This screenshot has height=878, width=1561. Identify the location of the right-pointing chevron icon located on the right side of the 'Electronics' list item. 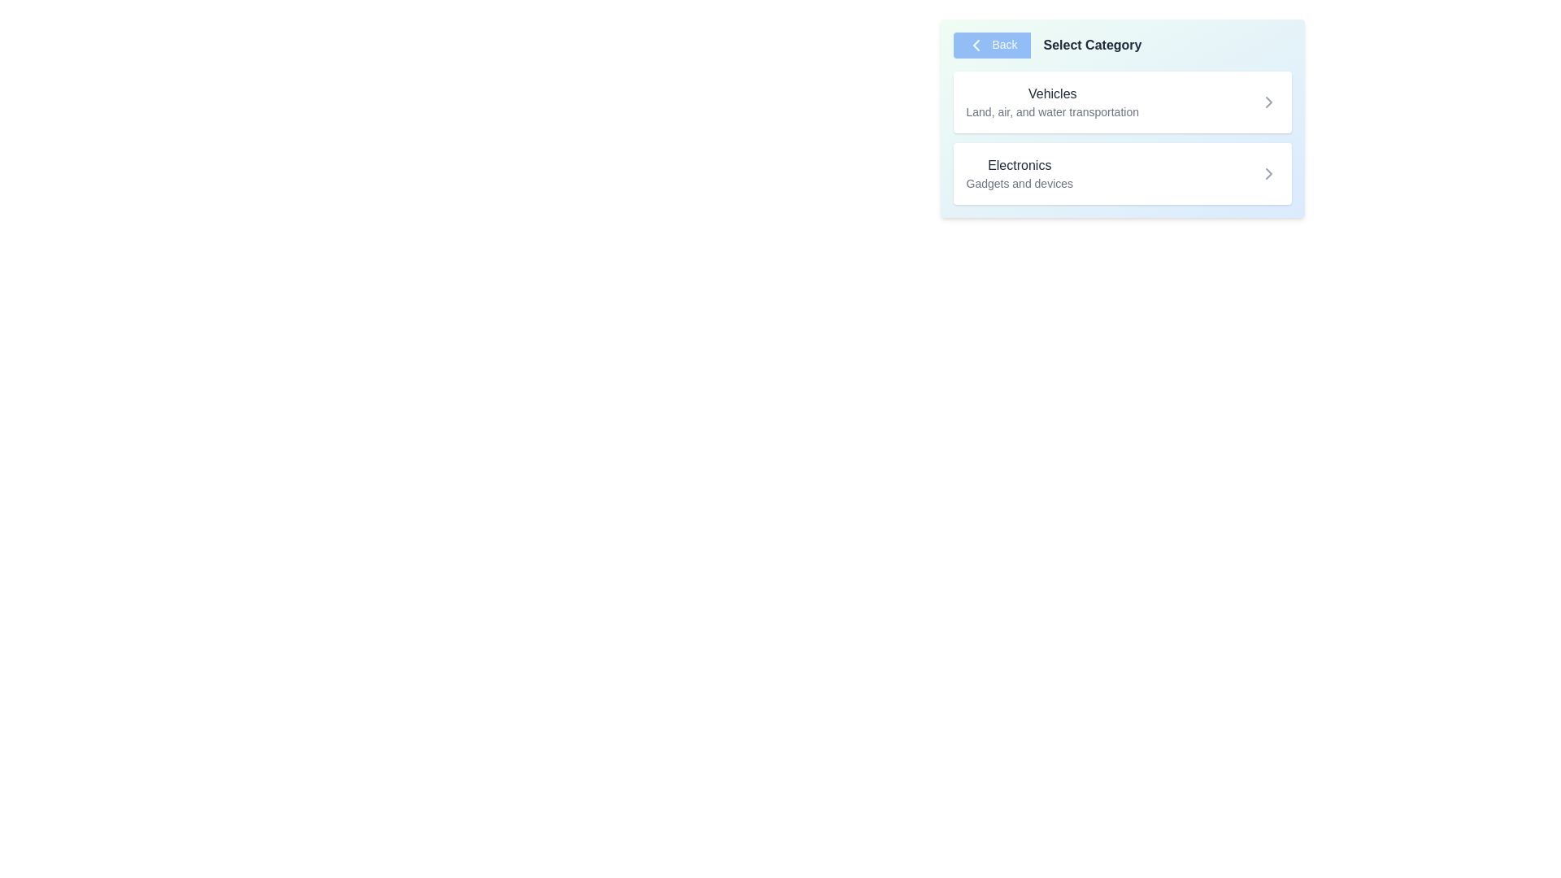
(1267, 173).